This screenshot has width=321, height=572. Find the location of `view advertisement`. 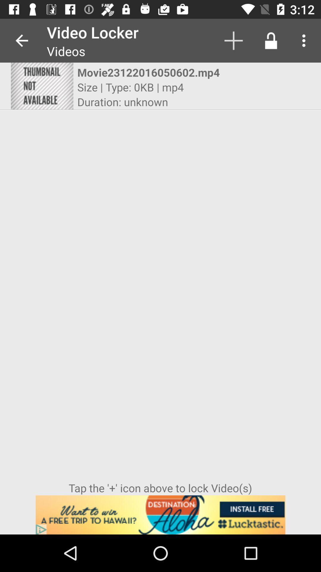

view advertisement is located at coordinates (160, 515).